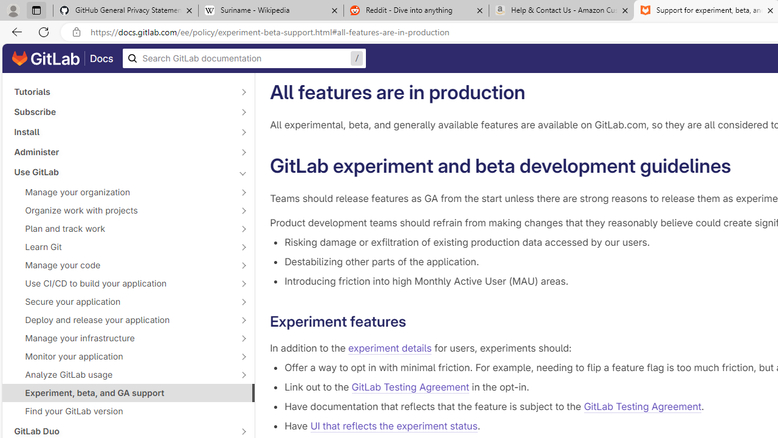  What do you see at coordinates (122, 283) in the screenshot?
I see `'Use CI/CD to build your application'` at bounding box center [122, 283].